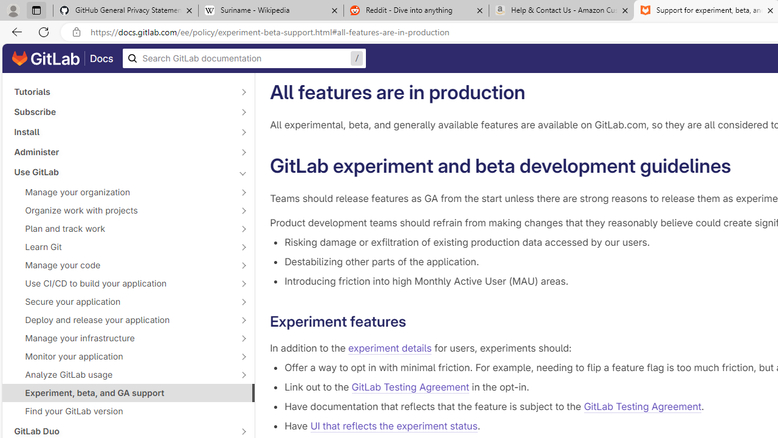  What do you see at coordinates (122, 283) in the screenshot?
I see `'Use CI/CD to build your application'` at bounding box center [122, 283].